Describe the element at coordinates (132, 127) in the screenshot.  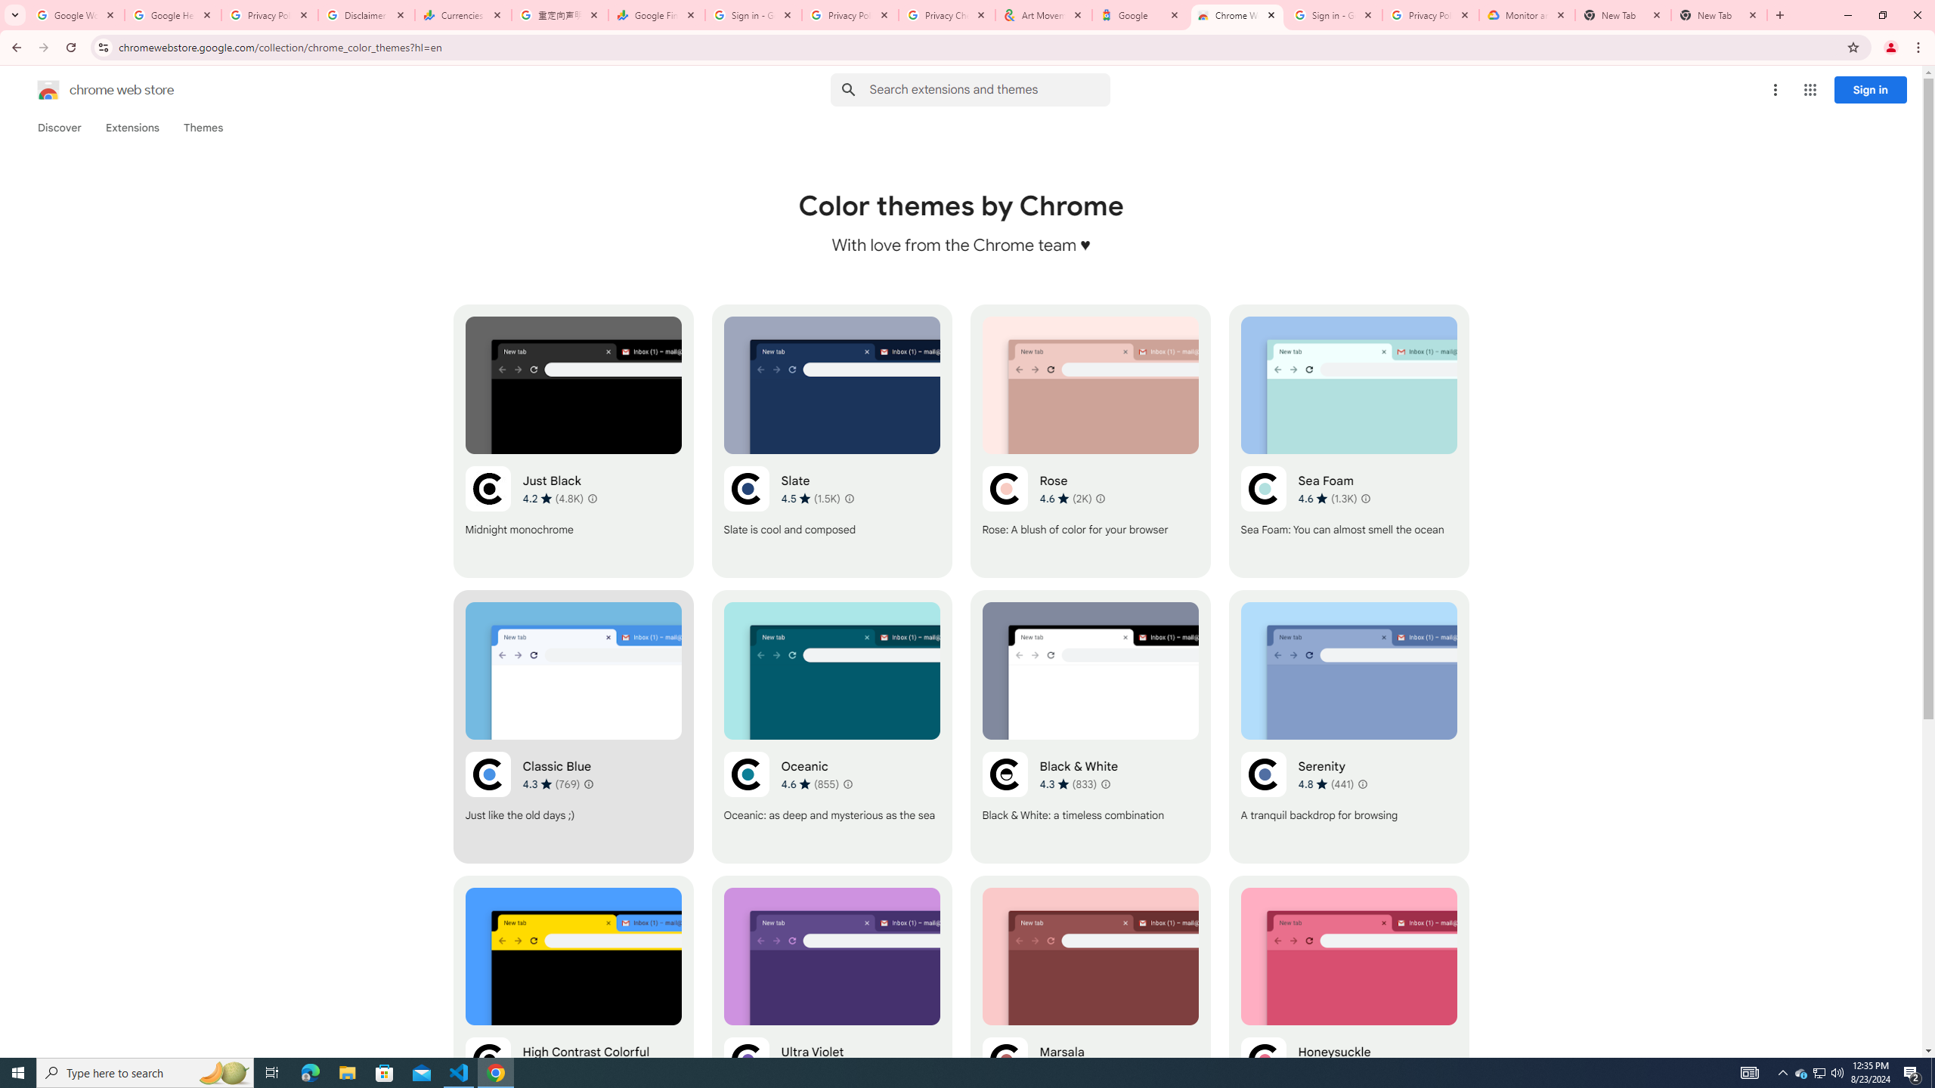
I see `'Extensions'` at that location.